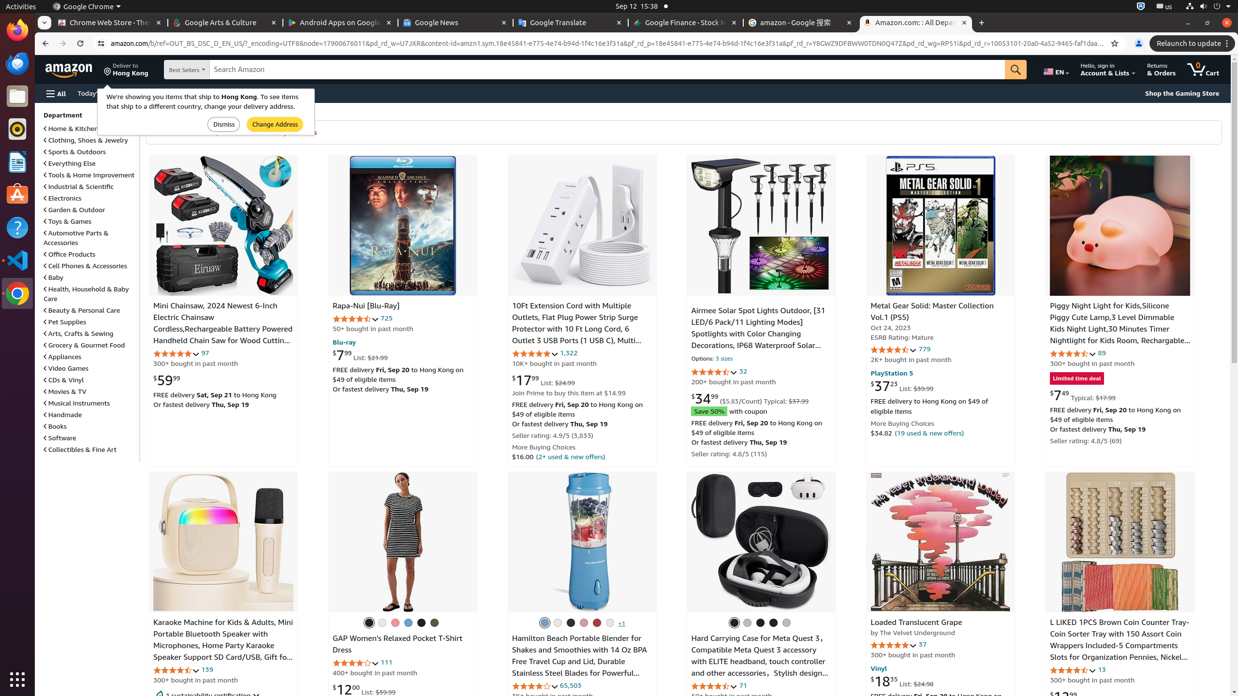 Image resolution: width=1238 pixels, height=696 pixels. I want to click on 'Garden & Outdoor', so click(74, 209).